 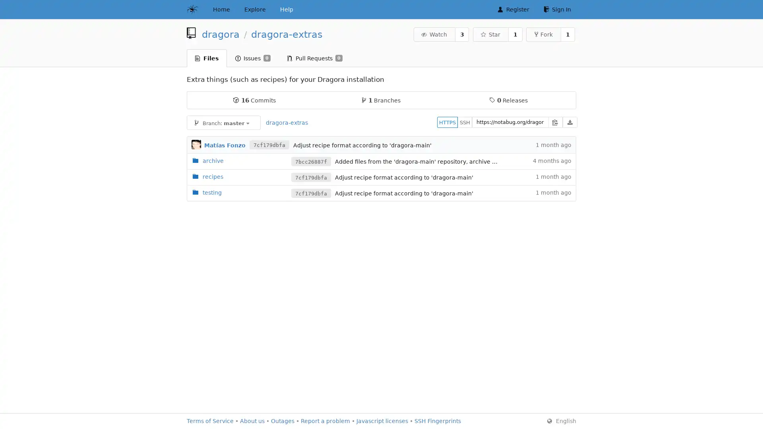 I want to click on HTTPS, so click(x=447, y=122).